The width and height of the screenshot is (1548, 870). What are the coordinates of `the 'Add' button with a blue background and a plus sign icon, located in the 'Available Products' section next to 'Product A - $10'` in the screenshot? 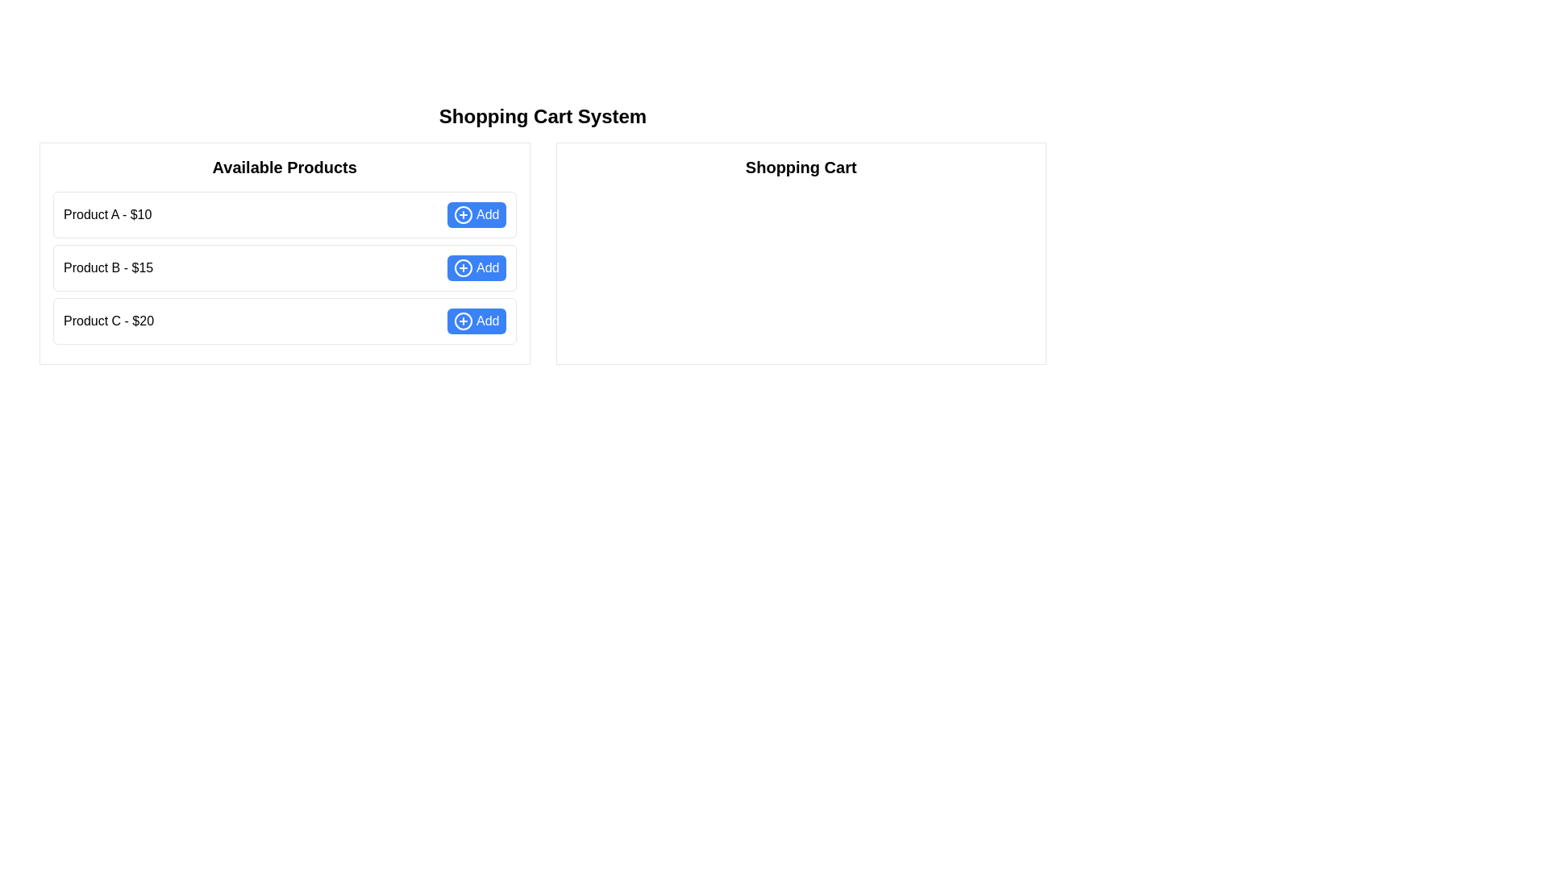 It's located at (476, 213).